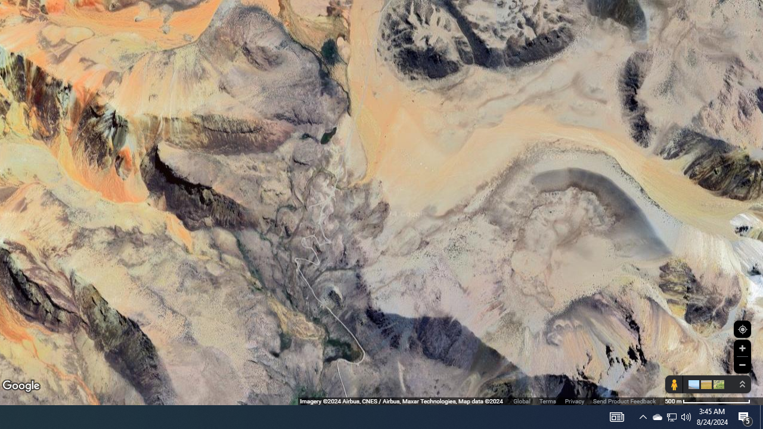 The height and width of the screenshot is (429, 763). I want to click on 'Show Your Location', so click(742, 329).